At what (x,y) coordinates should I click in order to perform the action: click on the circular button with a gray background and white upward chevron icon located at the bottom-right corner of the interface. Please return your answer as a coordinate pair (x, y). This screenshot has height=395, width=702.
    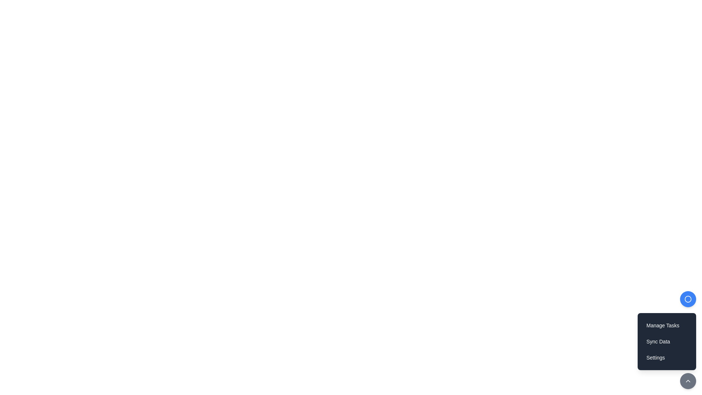
    Looking at the image, I should click on (687, 380).